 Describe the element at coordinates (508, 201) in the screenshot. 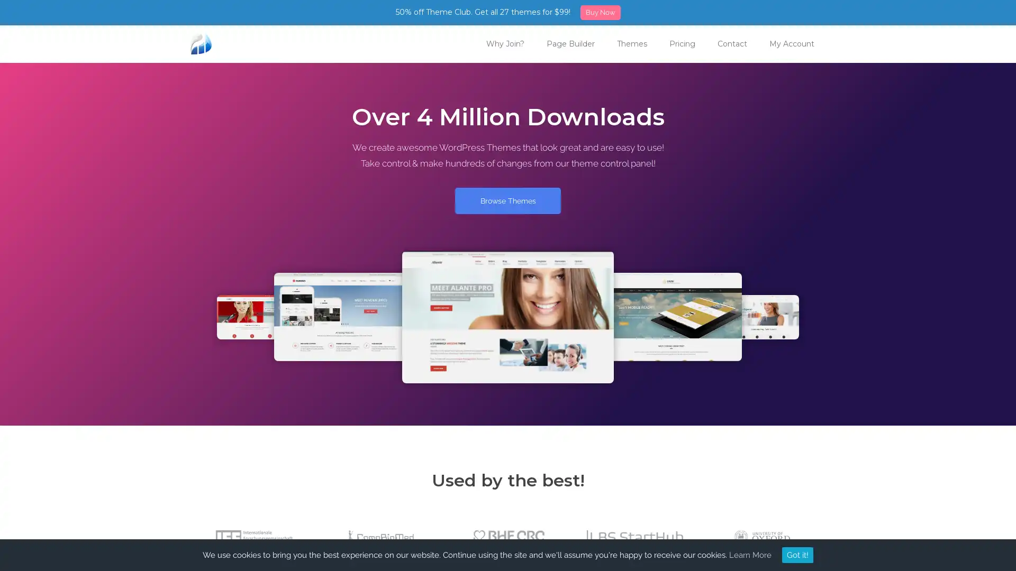

I see `Browse Themes` at that location.